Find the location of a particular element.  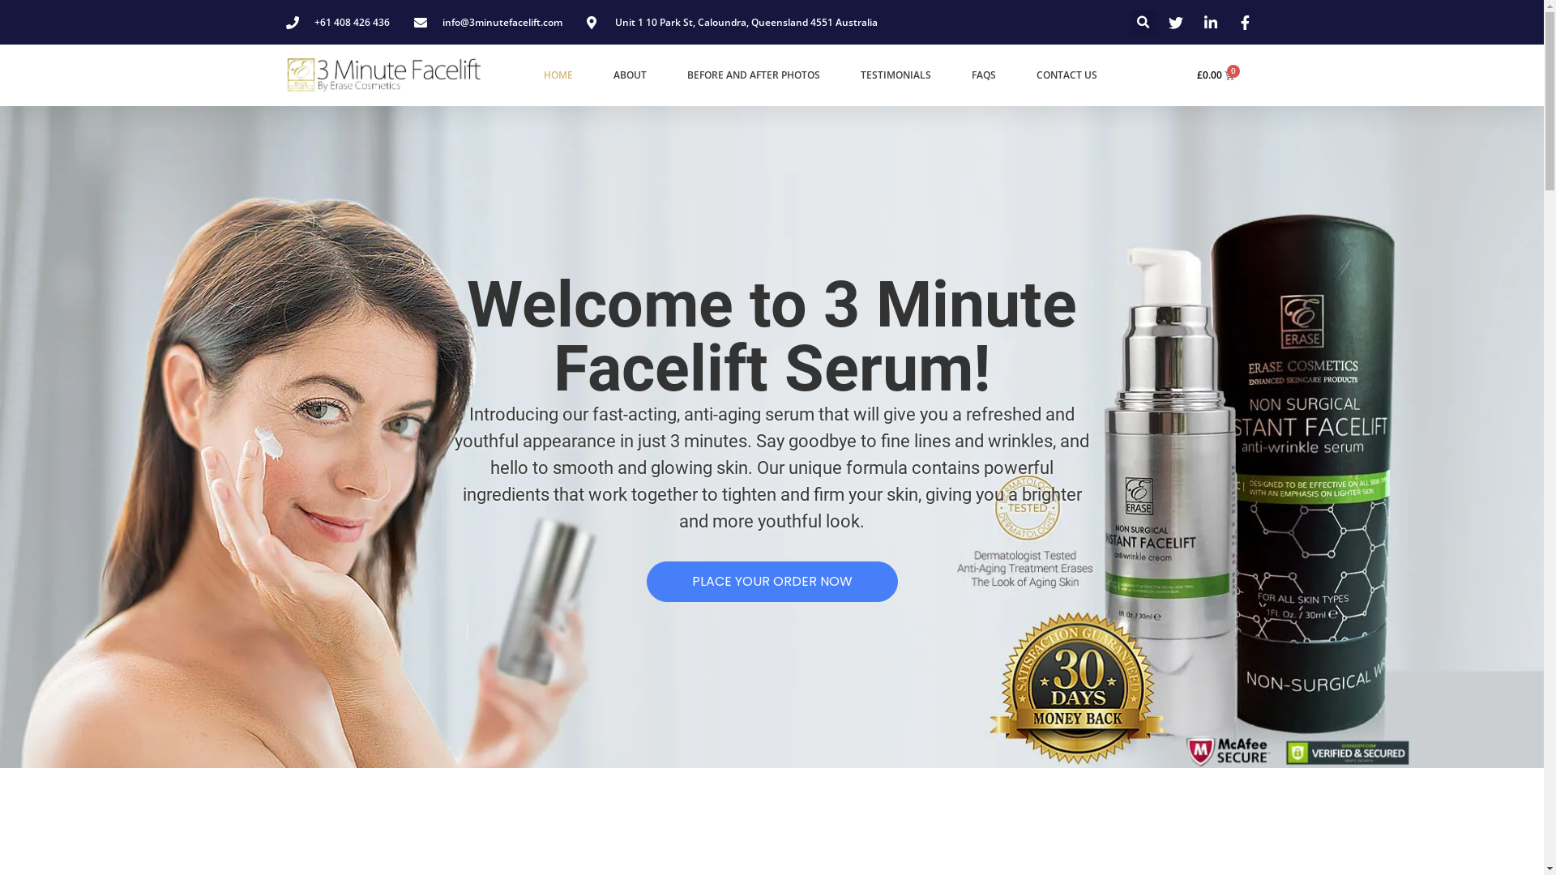

'HOME' is located at coordinates (558, 75).